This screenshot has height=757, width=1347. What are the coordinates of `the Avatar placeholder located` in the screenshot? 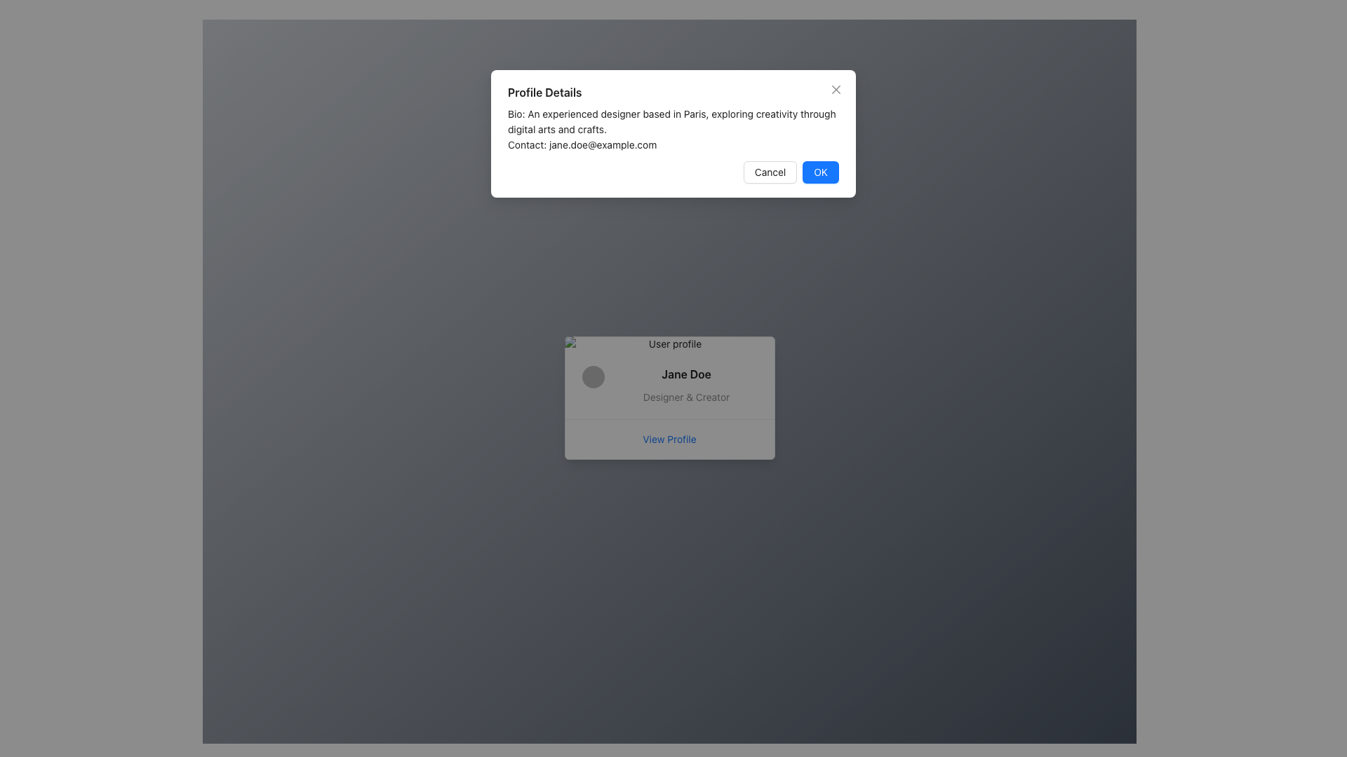 It's located at (593, 376).